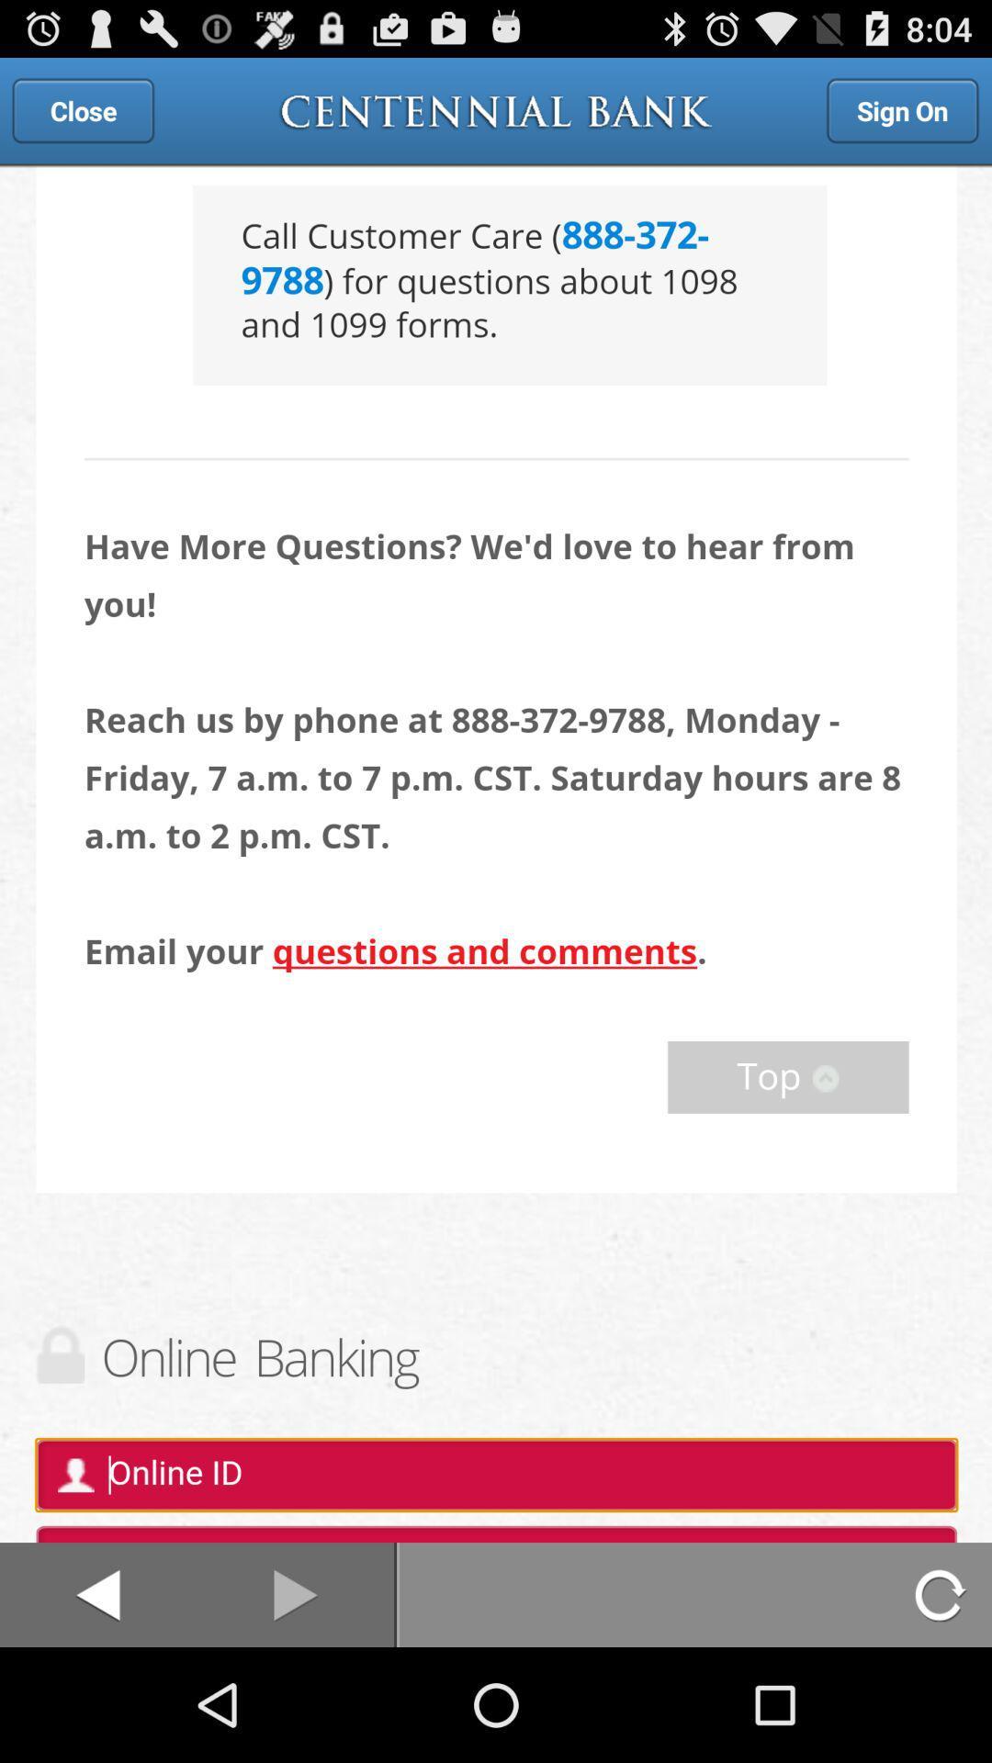 The height and width of the screenshot is (1763, 992). Describe the element at coordinates (496, 109) in the screenshot. I see `text beside close button` at that location.